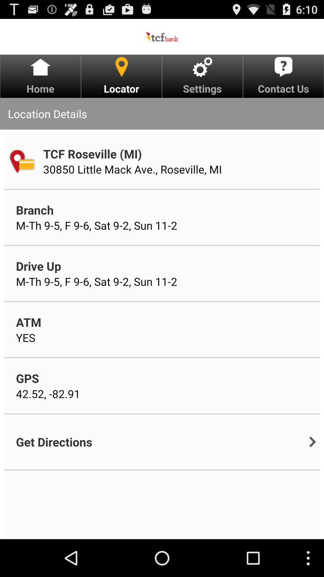 This screenshot has width=324, height=577. Describe the element at coordinates (312, 442) in the screenshot. I see `item below contact us icon` at that location.